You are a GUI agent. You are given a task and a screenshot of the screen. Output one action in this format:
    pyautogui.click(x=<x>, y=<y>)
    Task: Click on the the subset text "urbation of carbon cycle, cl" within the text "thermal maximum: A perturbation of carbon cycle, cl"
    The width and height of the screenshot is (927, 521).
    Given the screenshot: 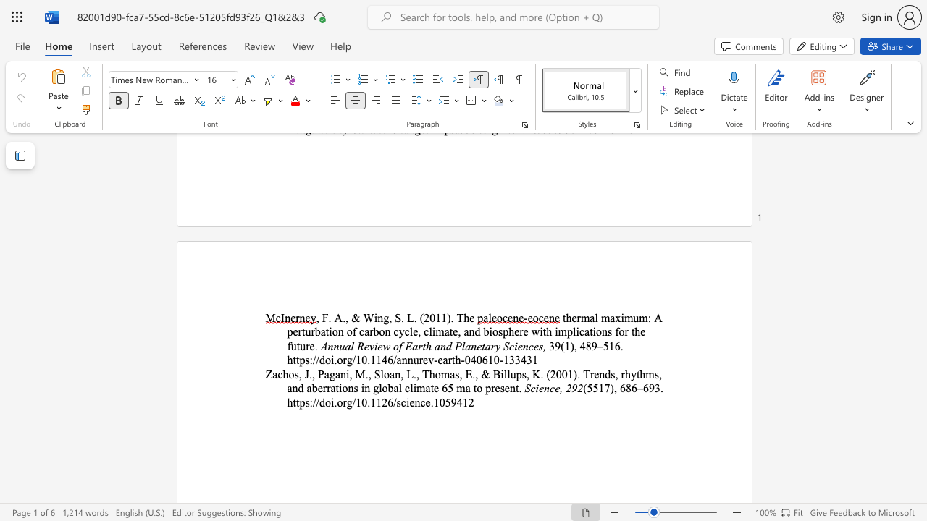 What is the action you would take?
    pyautogui.click(x=304, y=331)
    